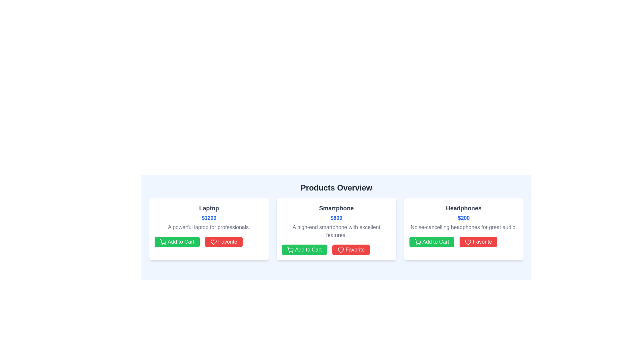 The image size is (633, 356). What do you see at coordinates (163, 242) in the screenshot?
I see `the shopping cart icon located inside the green 'Add to Cart' button` at bounding box center [163, 242].